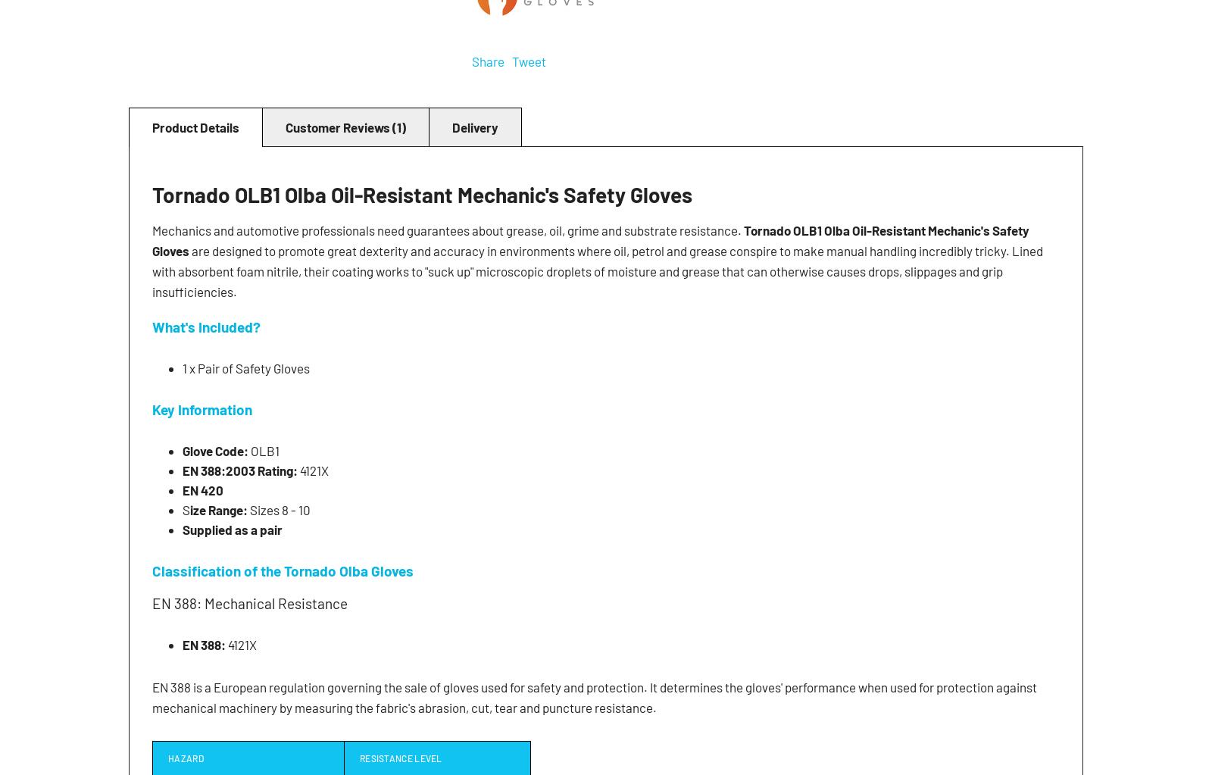 The height and width of the screenshot is (775, 1212). What do you see at coordinates (217, 448) in the screenshot?
I see `'Glove Code:'` at bounding box center [217, 448].